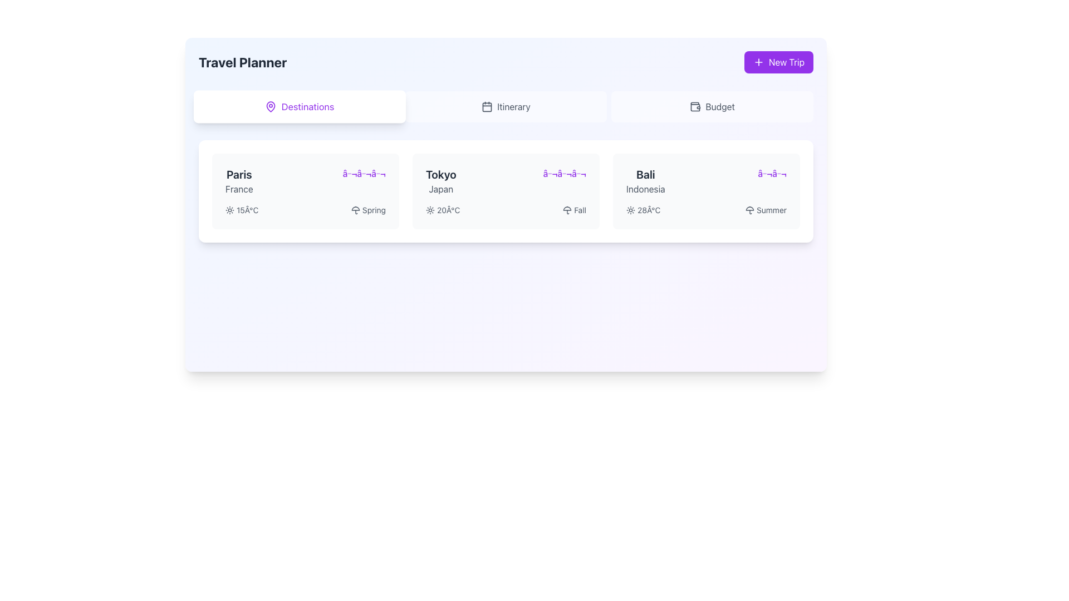 The image size is (1069, 601). Describe the element at coordinates (440, 188) in the screenshot. I see `the text label 'Japan' styled in subdued gray, located below the title 'Tokyo' within the card representing the Tokyo destination` at that location.